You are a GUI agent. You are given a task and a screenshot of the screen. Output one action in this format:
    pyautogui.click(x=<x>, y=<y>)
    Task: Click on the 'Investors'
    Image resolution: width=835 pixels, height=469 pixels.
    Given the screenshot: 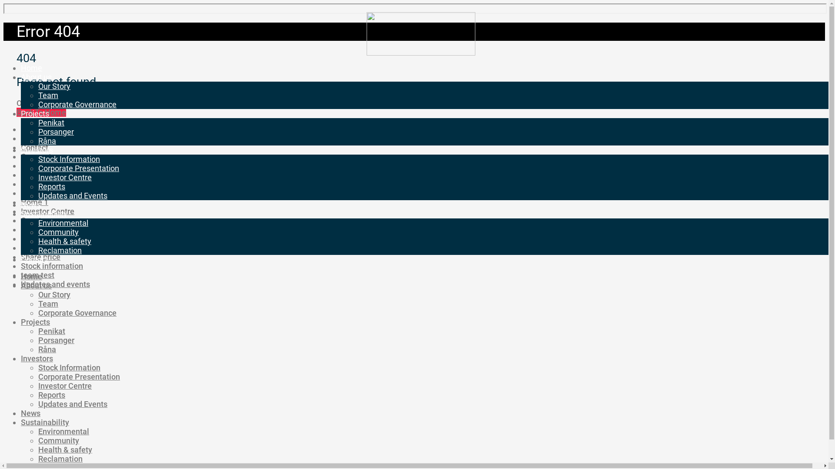 What is the action you would take?
    pyautogui.click(x=21, y=358)
    